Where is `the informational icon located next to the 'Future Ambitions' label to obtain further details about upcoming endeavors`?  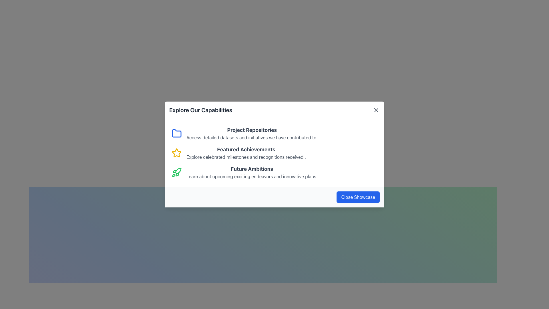 the informational icon located next to the 'Future Ambitions' label to obtain further details about upcoming endeavors is located at coordinates (252, 172).